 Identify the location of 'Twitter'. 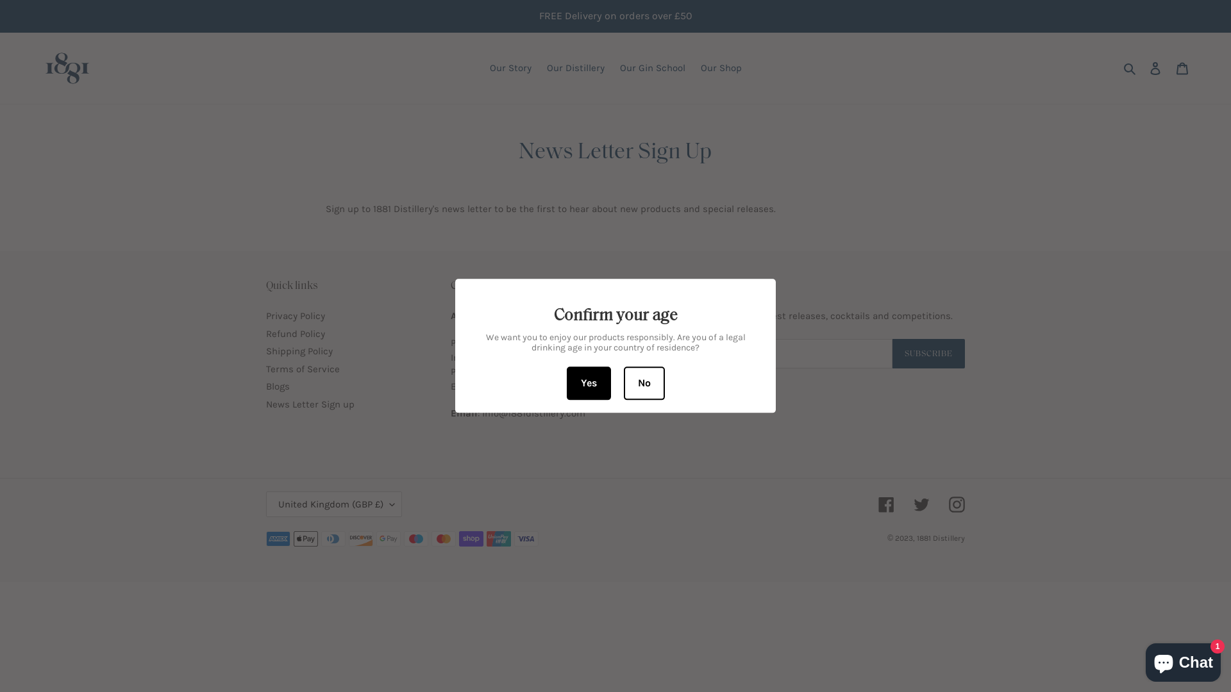
(921, 504).